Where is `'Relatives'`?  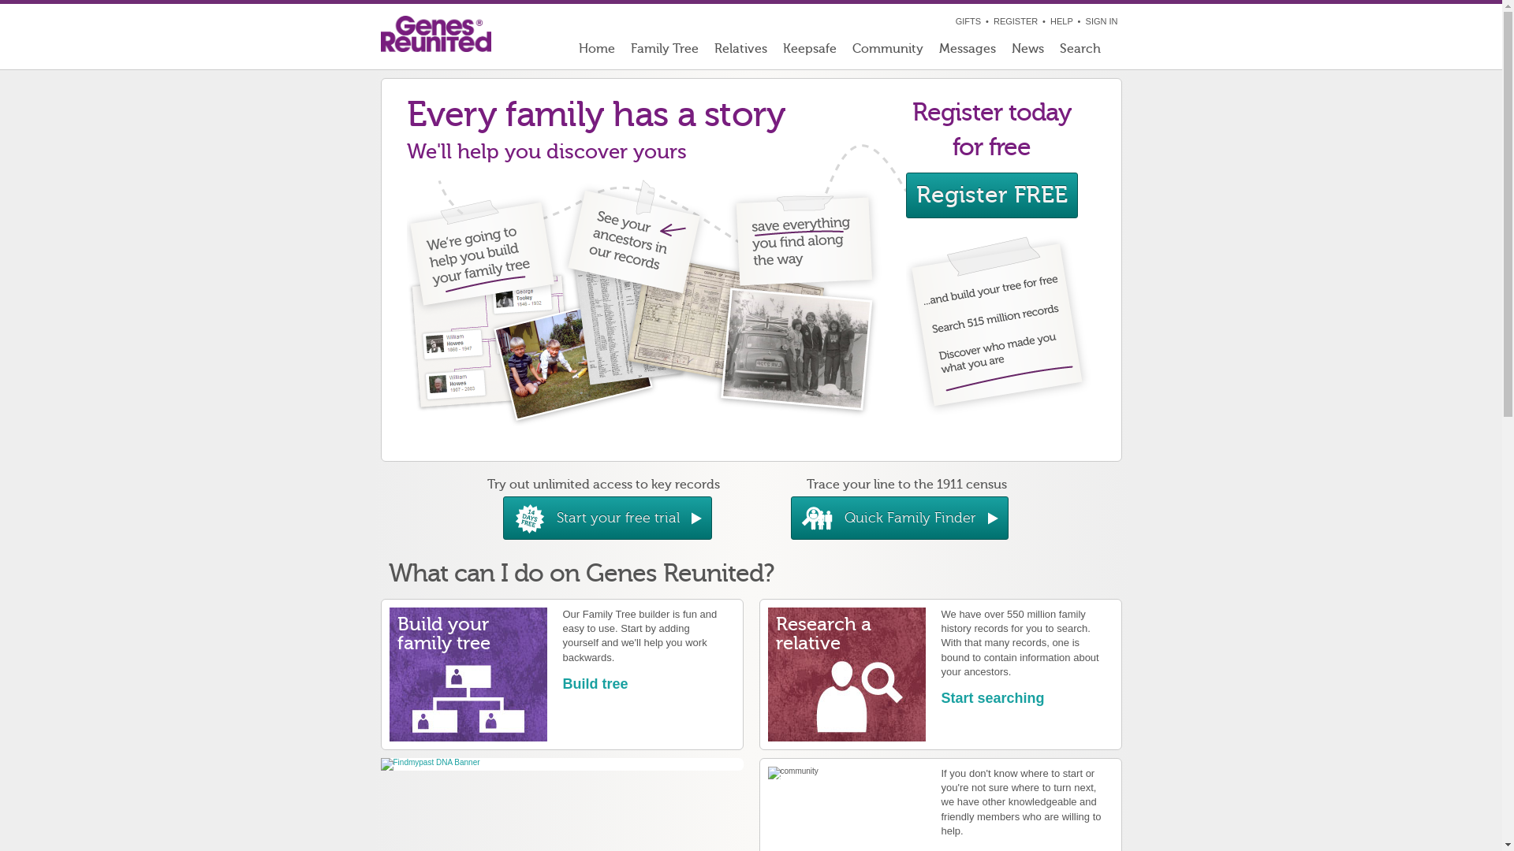
'Relatives' is located at coordinates (740, 51).